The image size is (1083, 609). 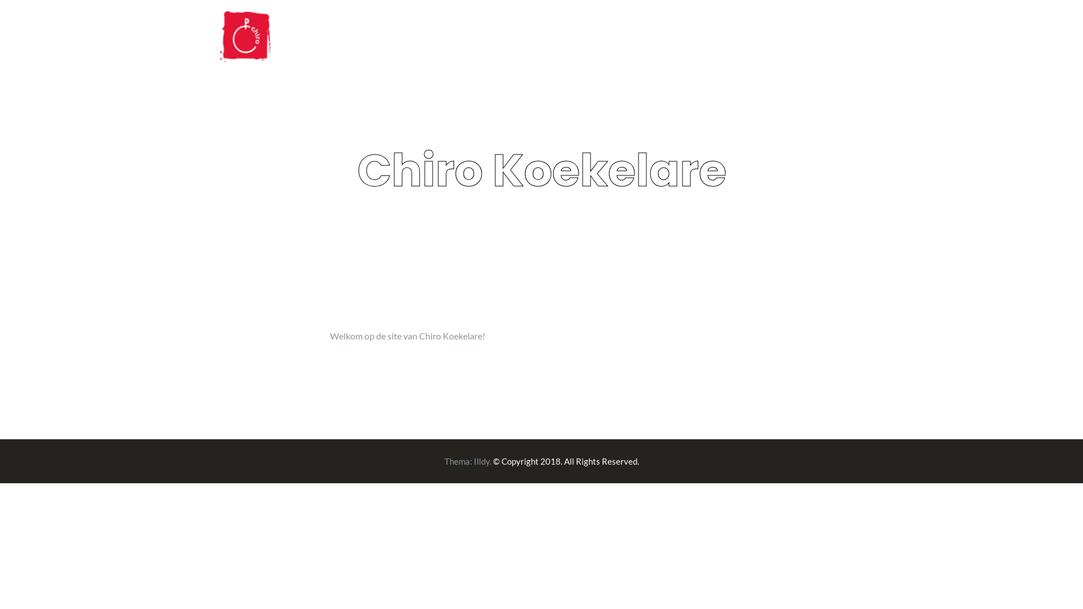 What do you see at coordinates (719, 38) in the screenshot?
I see `'Info'` at bounding box center [719, 38].